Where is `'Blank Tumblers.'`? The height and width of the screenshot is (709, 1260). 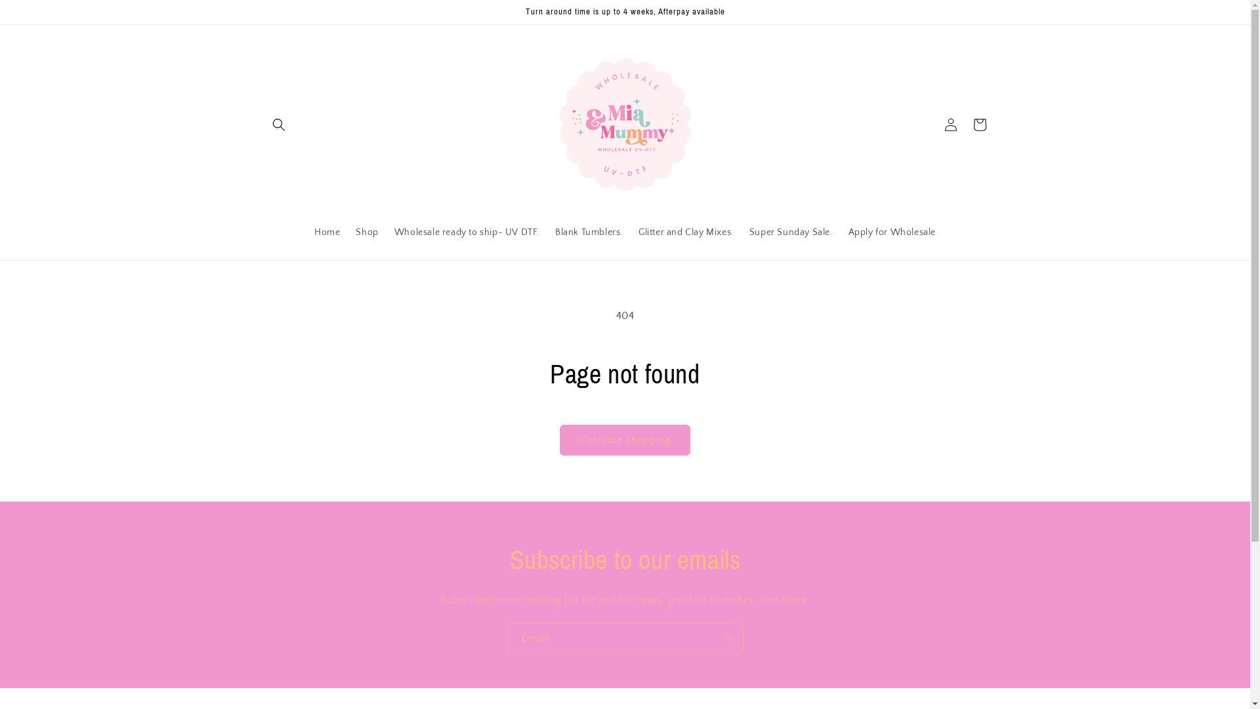
'Blank Tumblers.' is located at coordinates (588, 232).